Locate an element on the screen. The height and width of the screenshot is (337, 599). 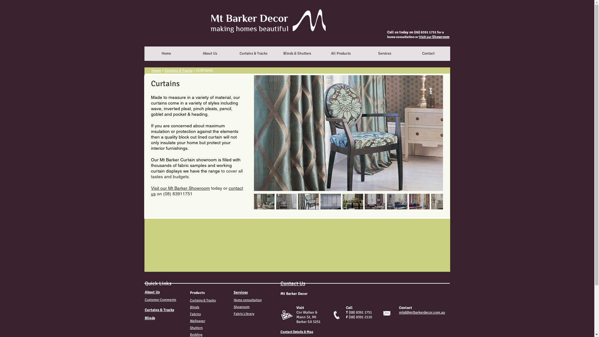
'Shutters' is located at coordinates (196, 327).